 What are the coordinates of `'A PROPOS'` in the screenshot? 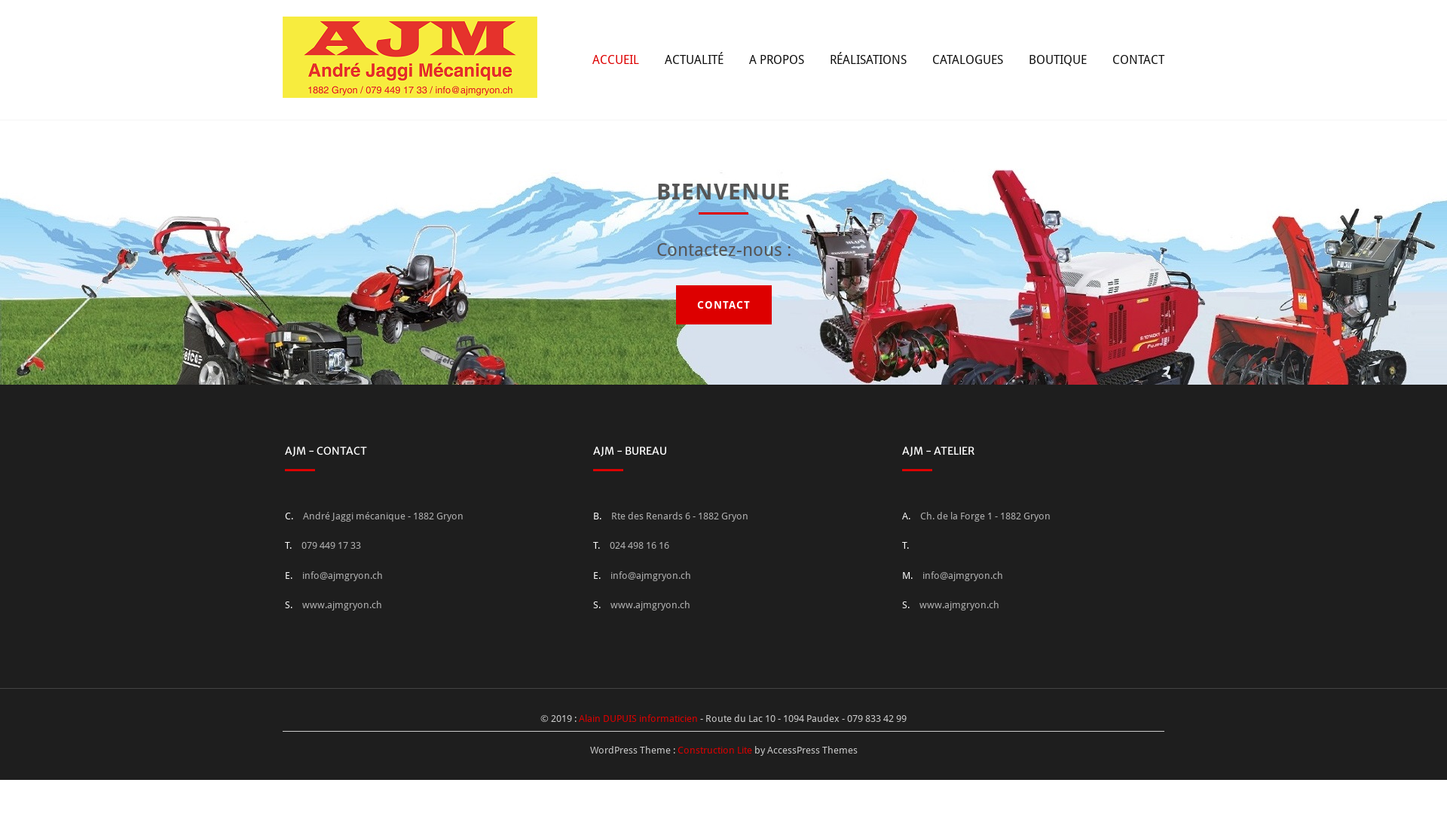 It's located at (776, 58).